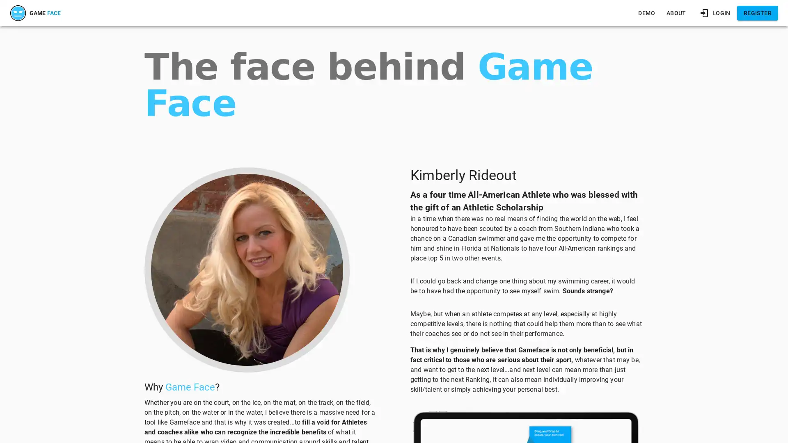 This screenshot has height=443, width=788. Describe the element at coordinates (676, 13) in the screenshot. I see `ABOUT` at that location.